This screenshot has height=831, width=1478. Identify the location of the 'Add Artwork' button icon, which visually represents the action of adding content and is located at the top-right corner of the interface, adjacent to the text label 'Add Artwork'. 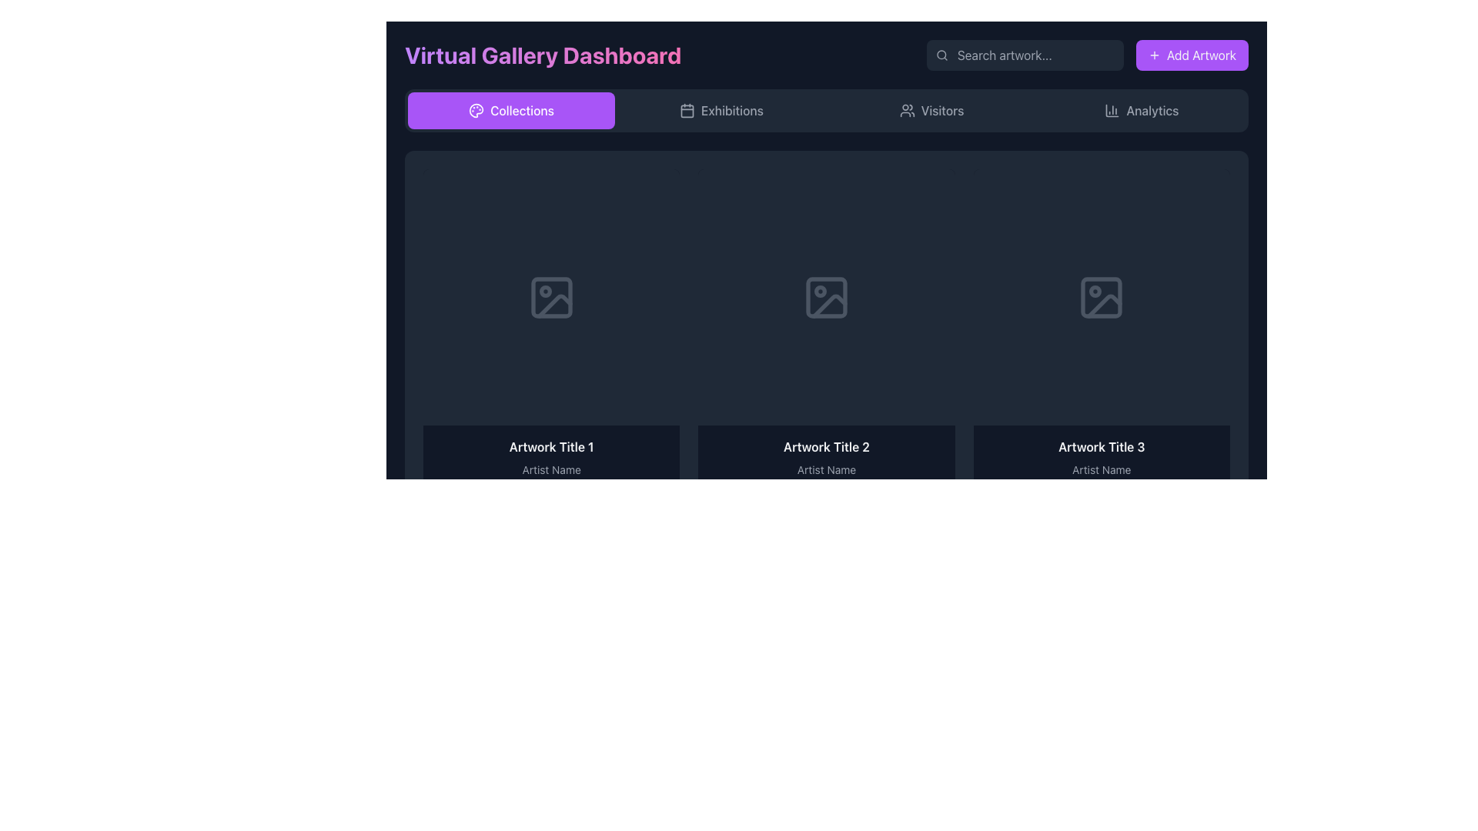
(1153, 55).